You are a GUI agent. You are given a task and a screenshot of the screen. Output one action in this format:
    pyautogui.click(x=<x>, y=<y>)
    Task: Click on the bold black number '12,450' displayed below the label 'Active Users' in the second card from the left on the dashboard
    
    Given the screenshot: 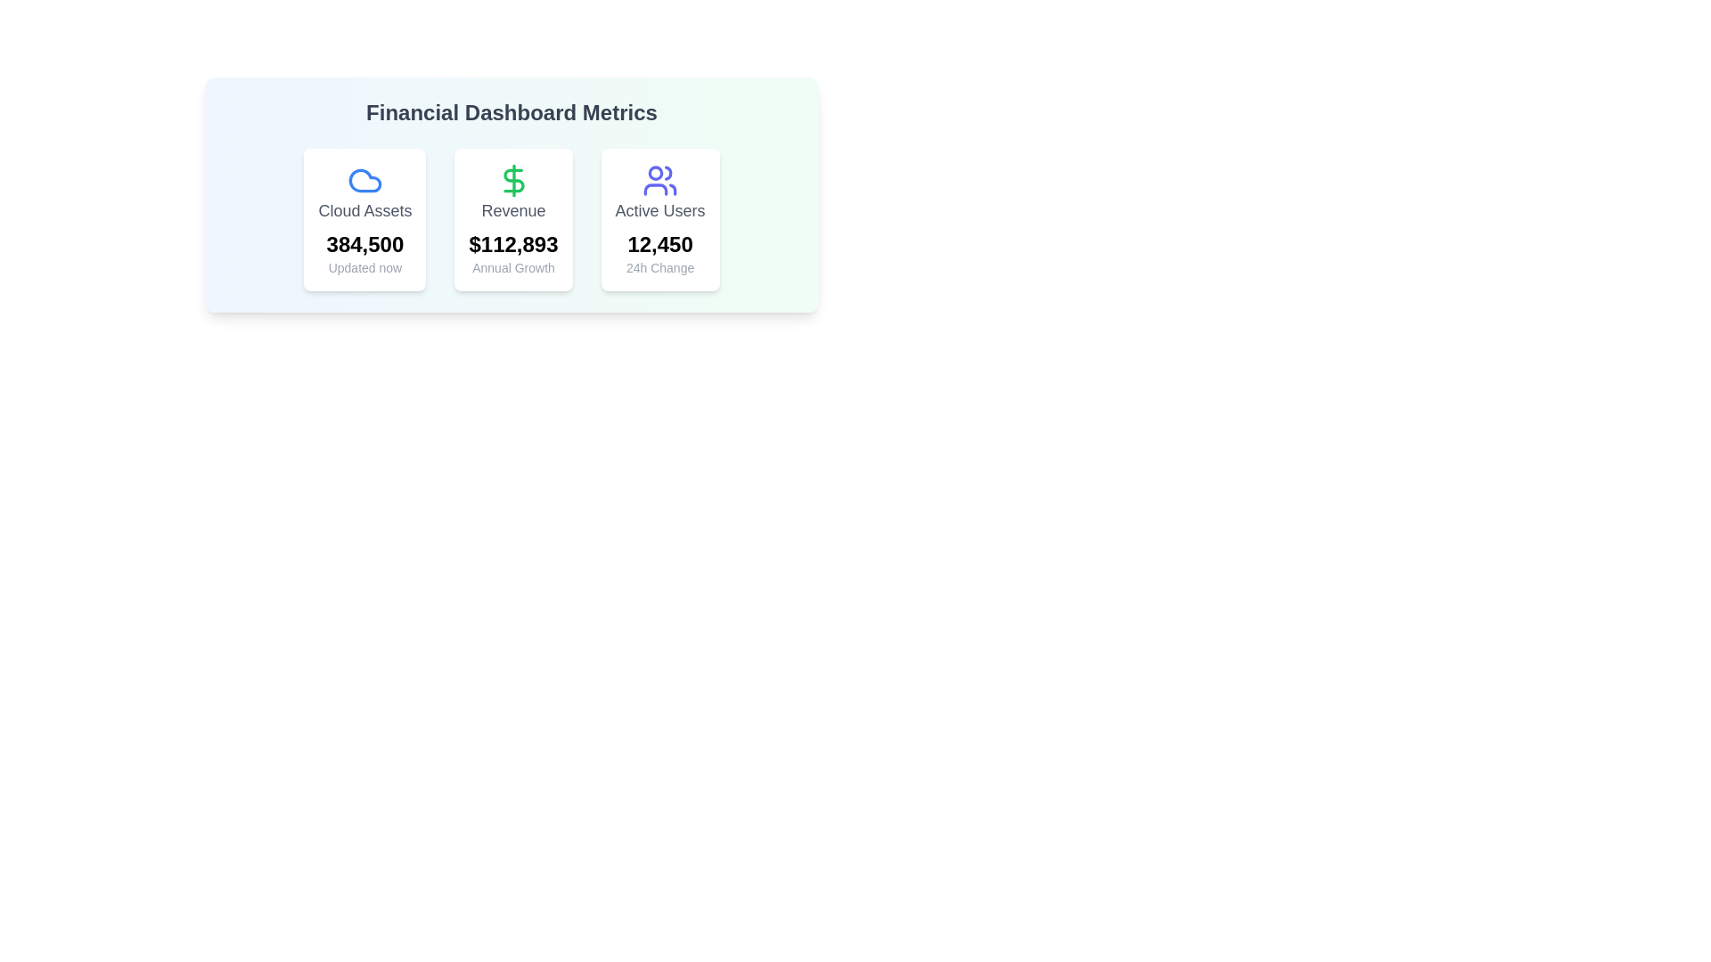 What is the action you would take?
    pyautogui.click(x=659, y=244)
    